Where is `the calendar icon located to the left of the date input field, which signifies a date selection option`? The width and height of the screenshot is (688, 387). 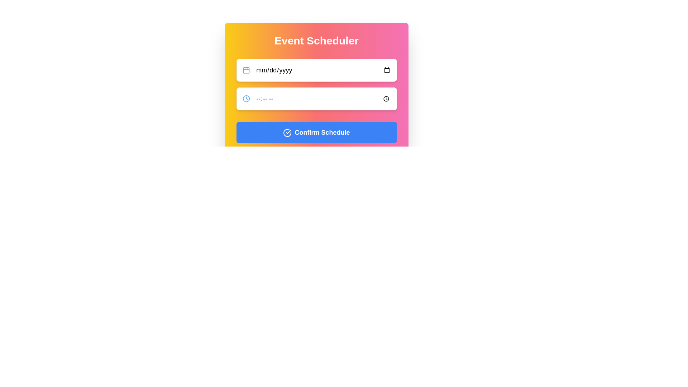 the calendar icon located to the left of the date input field, which signifies a date selection option is located at coordinates (246, 70).